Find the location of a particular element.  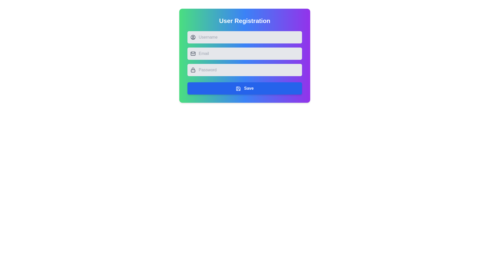

the email icon SVG located adjacent to the 'Email' label in the user registration form is located at coordinates (193, 53).